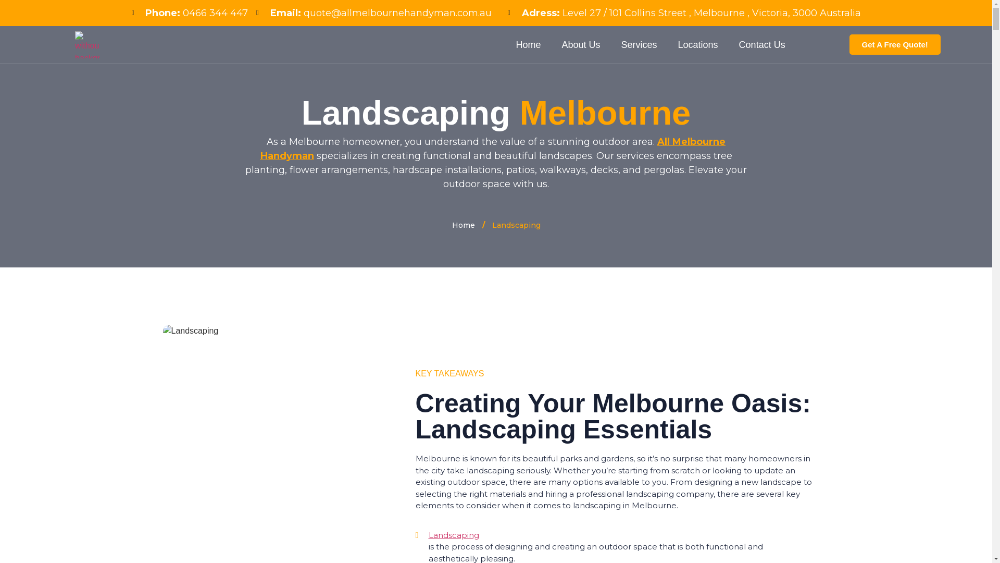  Describe the element at coordinates (580, 44) in the screenshot. I see `'About Us'` at that location.